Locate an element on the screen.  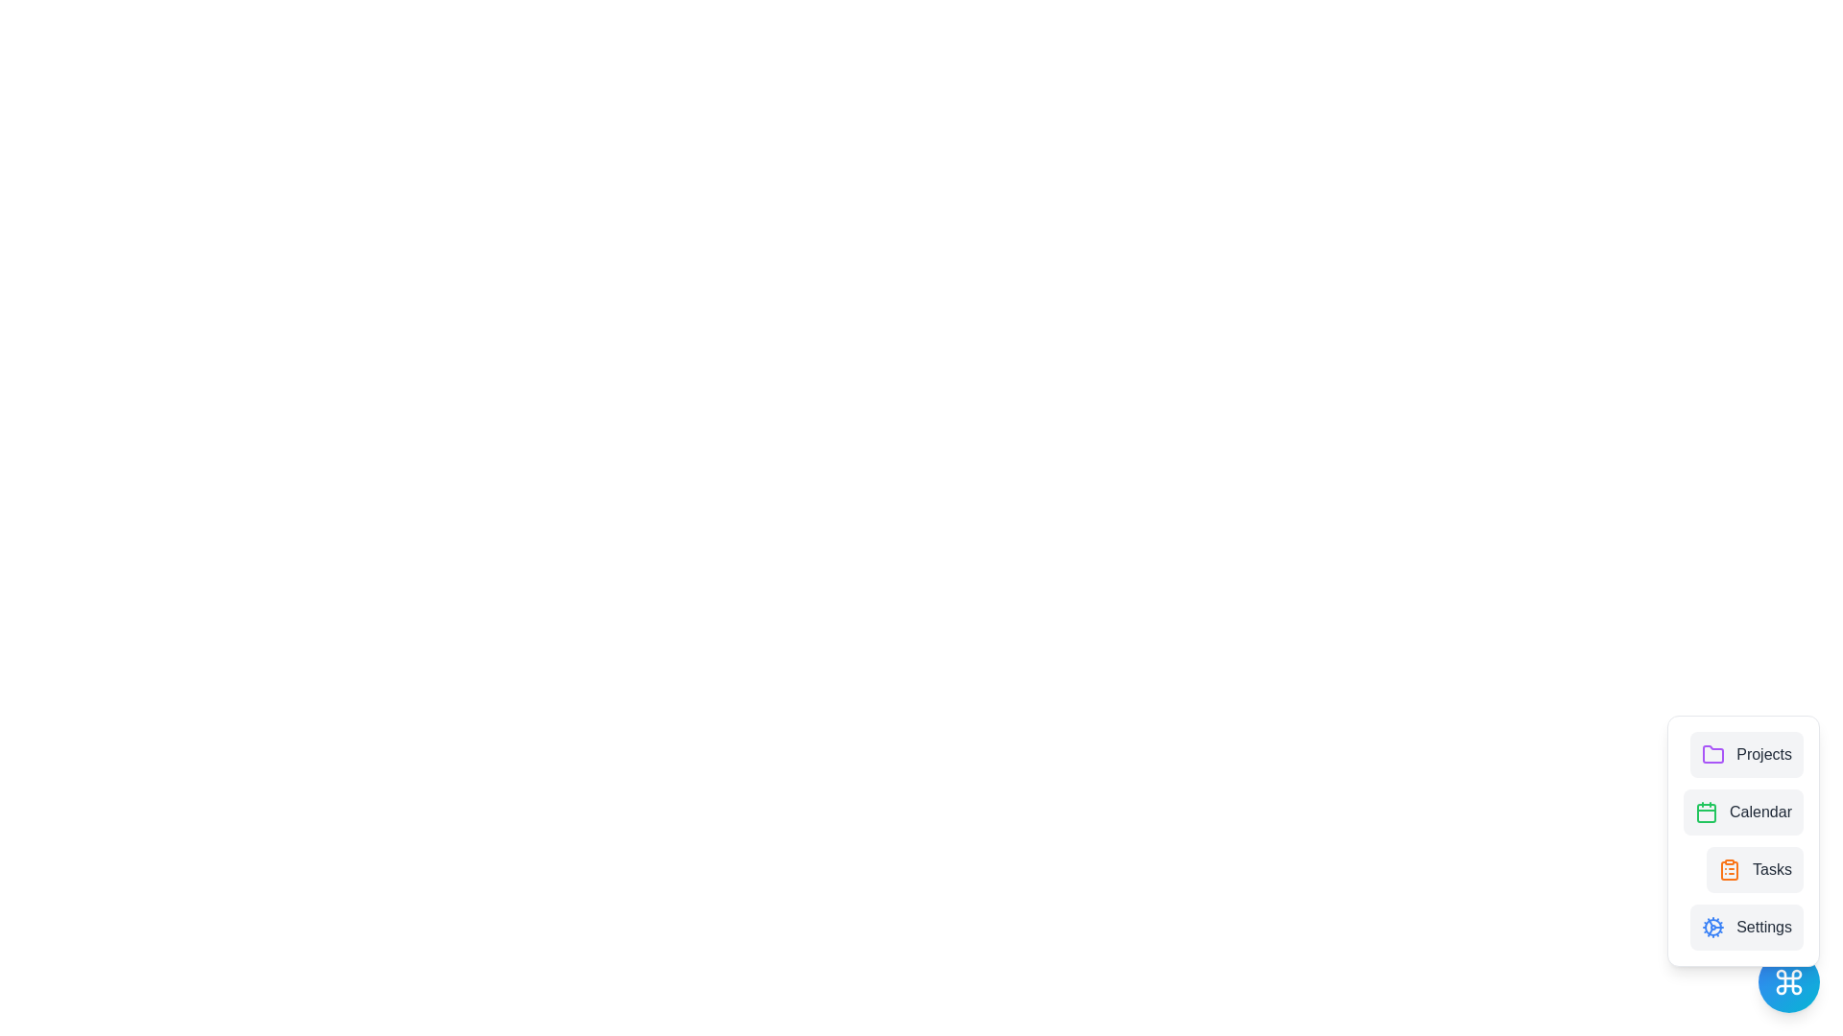
the Settings option in the menu is located at coordinates (1746, 927).